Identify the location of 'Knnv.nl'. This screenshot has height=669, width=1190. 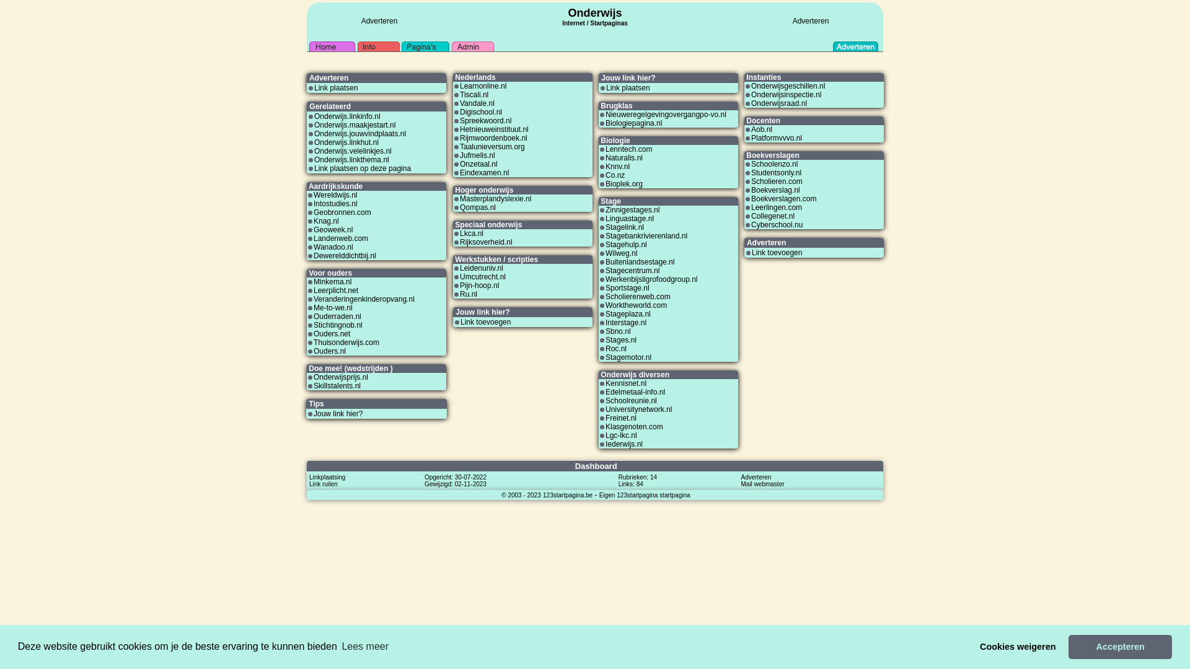
(606, 166).